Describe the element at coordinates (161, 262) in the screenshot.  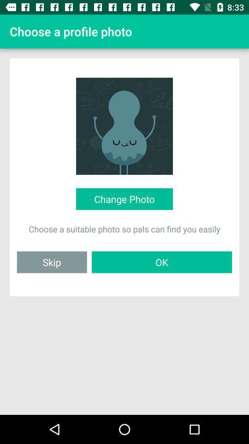
I see `item to the right of the skip` at that location.